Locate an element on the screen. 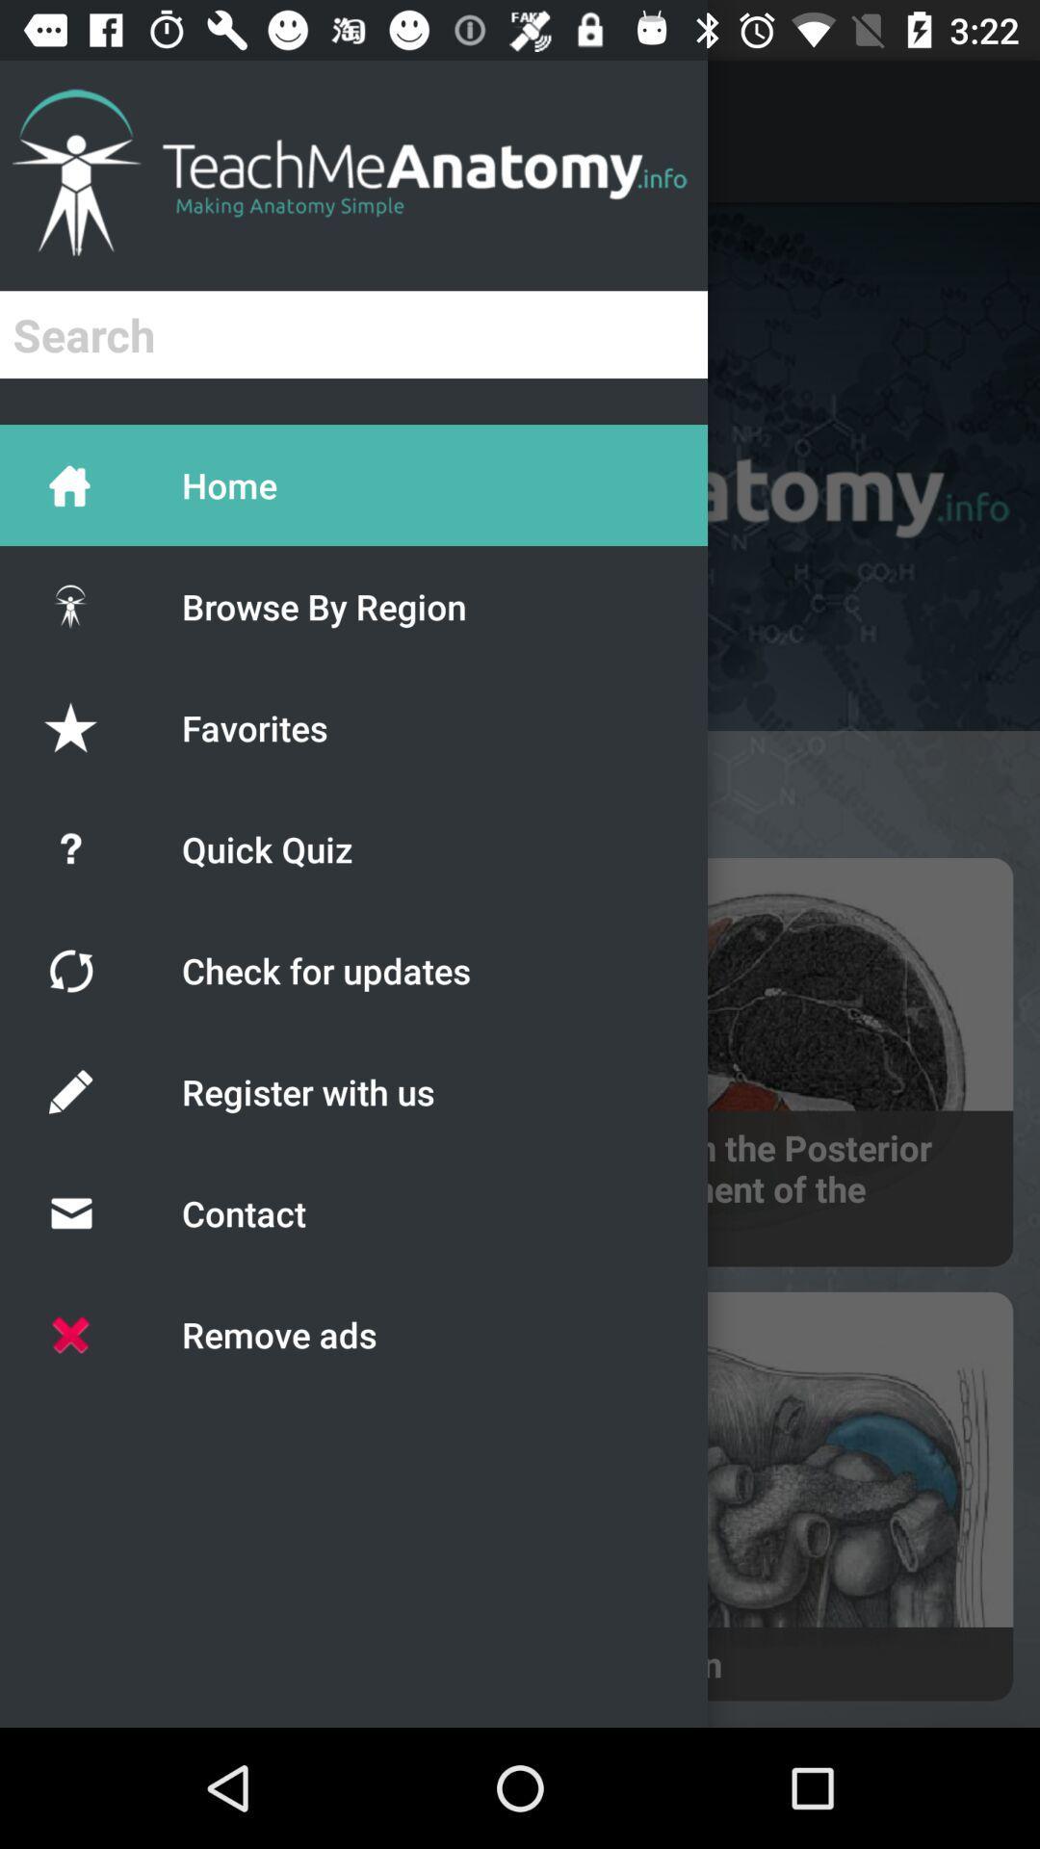 The width and height of the screenshot is (1040, 1849). the image which is at bottom right corner is located at coordinates (771, 1496).